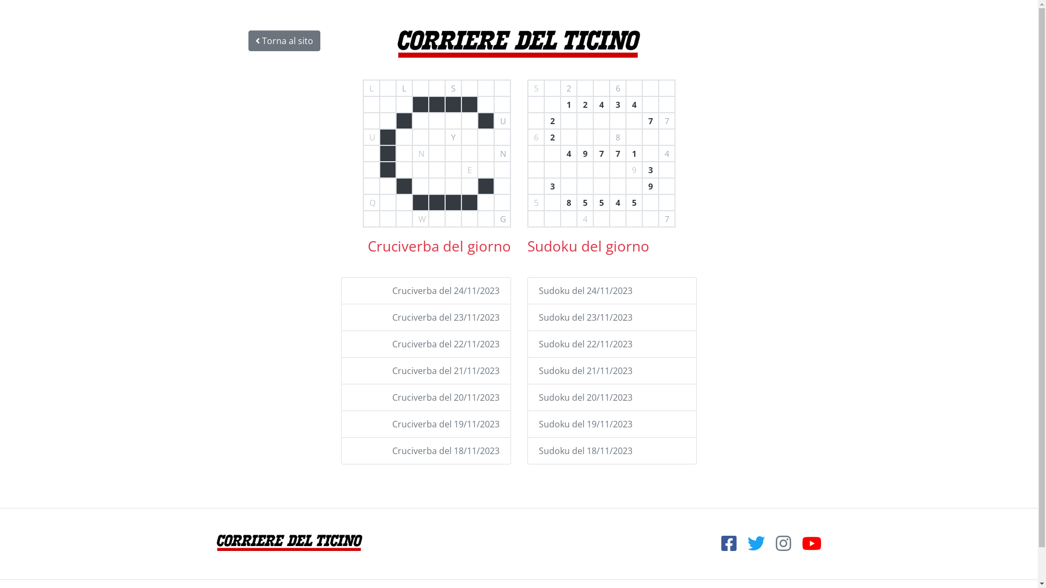  I want to click on 'Sudoku del 20/11/2023', so click(538, 397).